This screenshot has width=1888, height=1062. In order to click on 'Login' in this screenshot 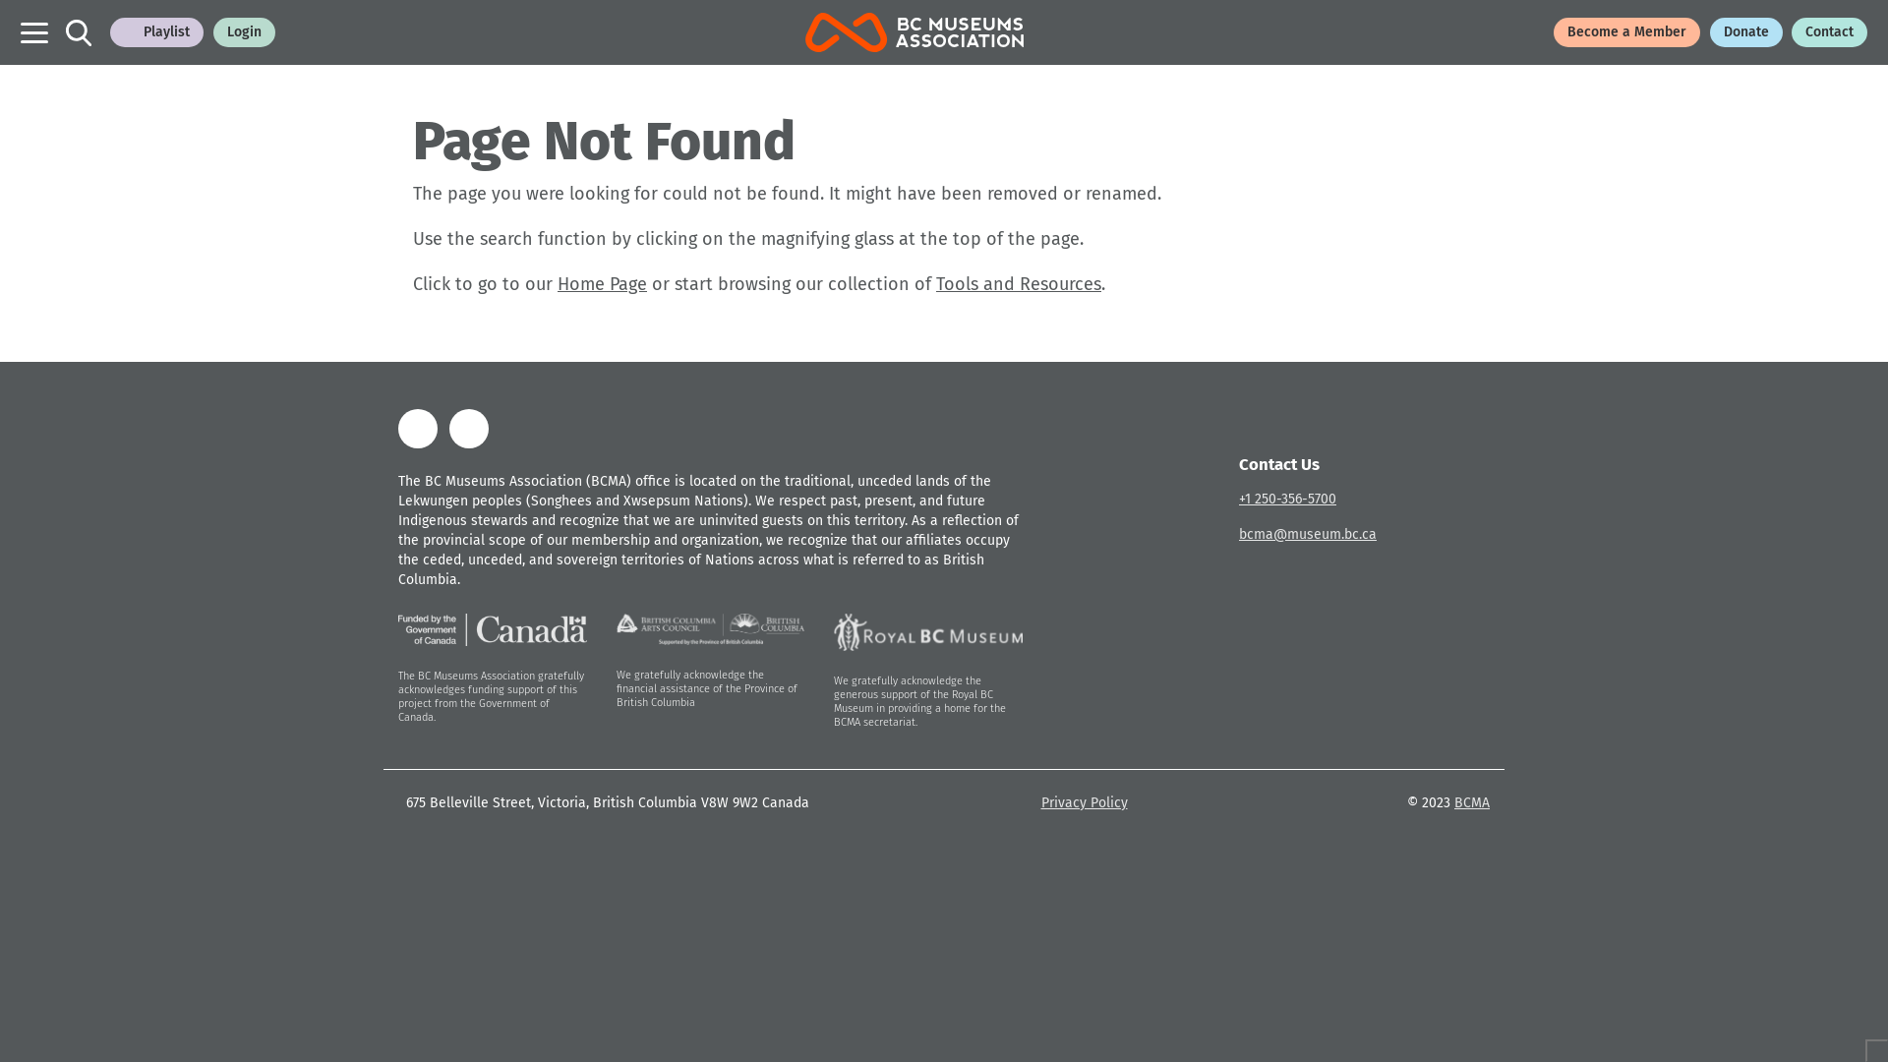, I will do `click(243, 32)`.